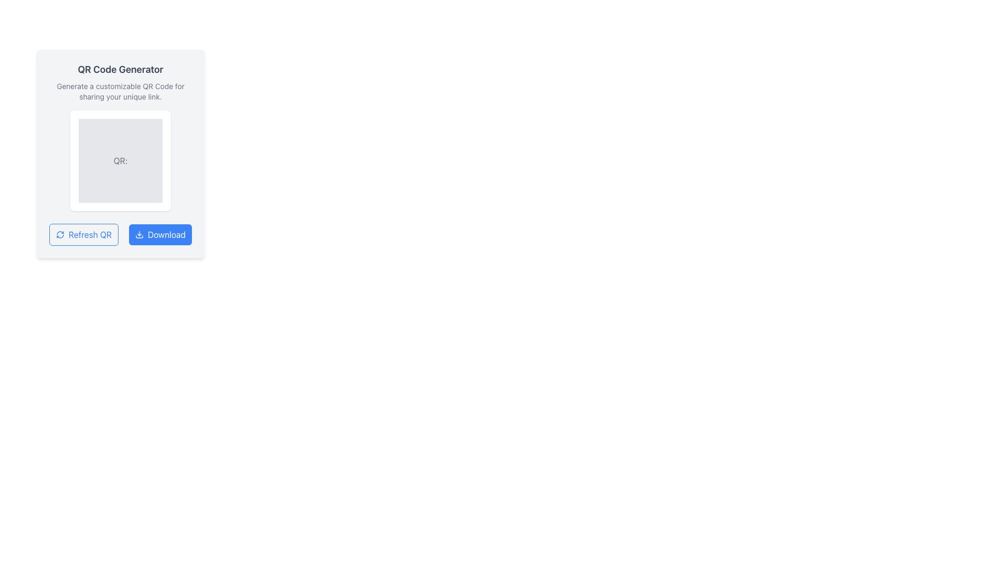 The image size is (1007, 566). I want to click on the blue rectangular button labeled 'Download' to apply hover styling, so click(159, 234).